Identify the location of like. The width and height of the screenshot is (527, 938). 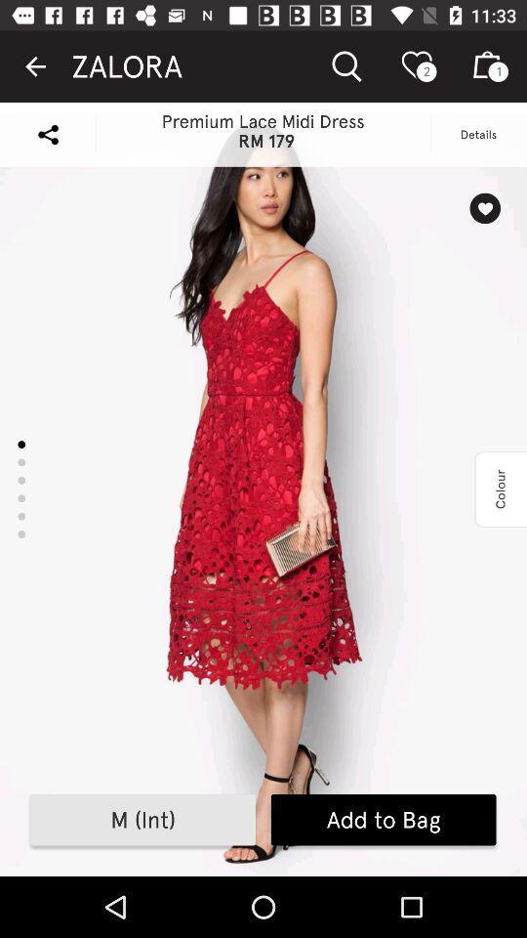
(484, 208).